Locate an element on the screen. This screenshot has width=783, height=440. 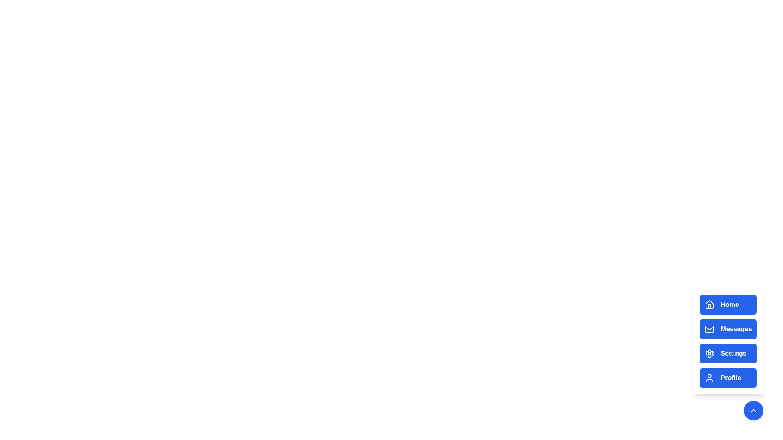
the Home button in the menu is located at coordinates (728, 305).